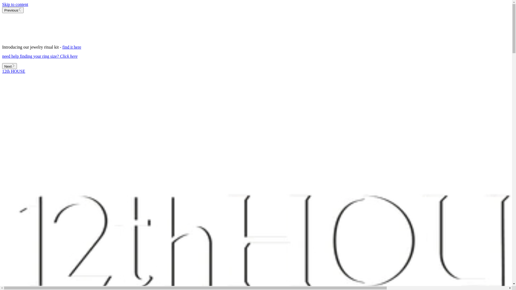 This screenshot has width=516, height=290. What do you see at coordinates (2, 4) in the screenshot?
I see `'Skip to content'` at bounding box center [2, 4].